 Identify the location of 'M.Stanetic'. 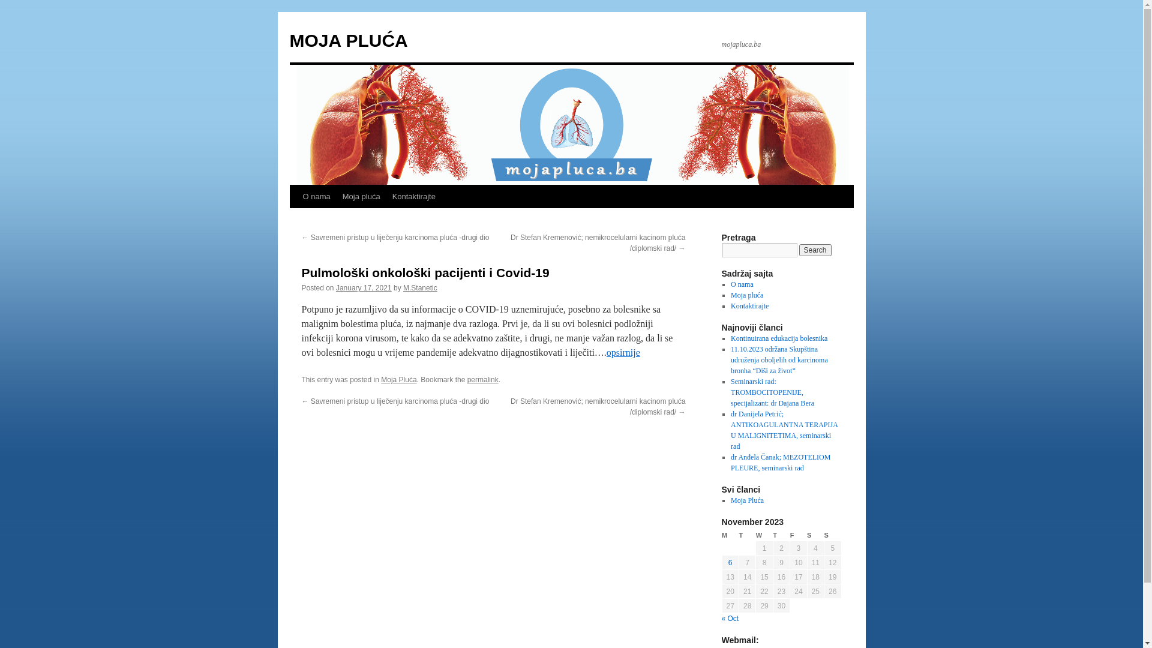
(420, 287).